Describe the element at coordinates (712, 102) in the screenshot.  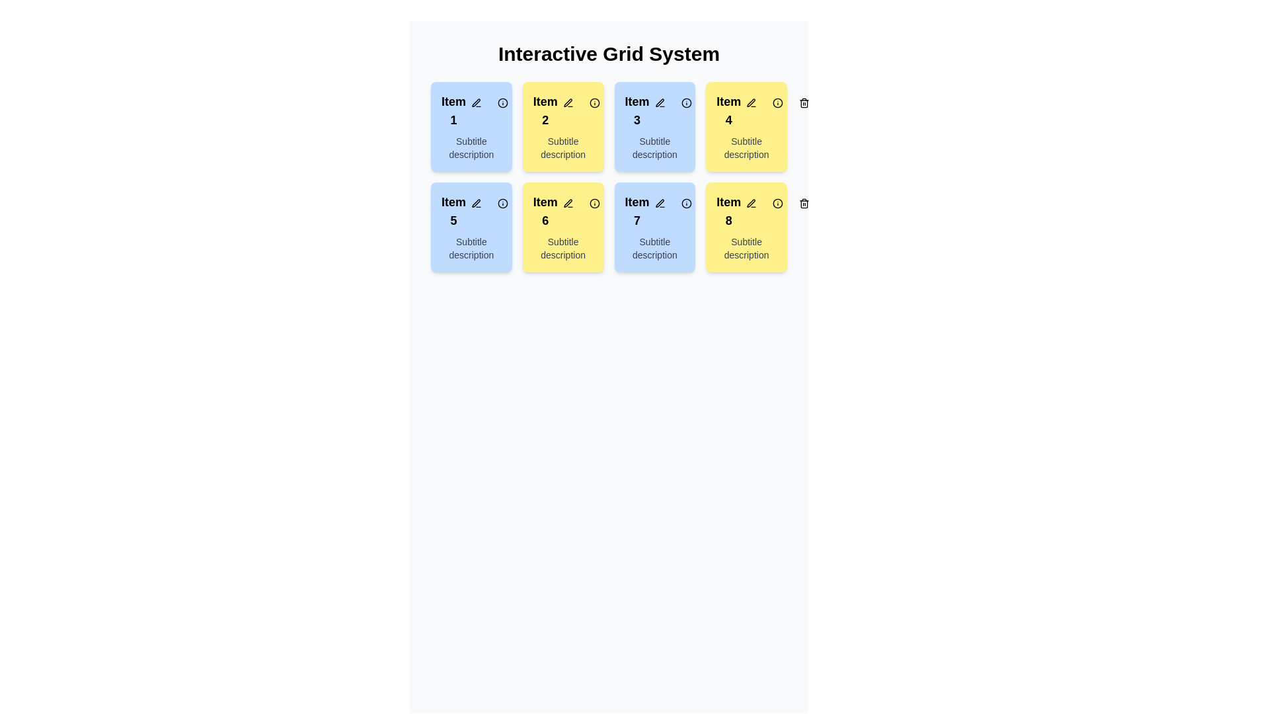
I see `the circular button with a trash can icon, styled with a red hover effect, located in the grid item labeled 'Item 4'` at that location.